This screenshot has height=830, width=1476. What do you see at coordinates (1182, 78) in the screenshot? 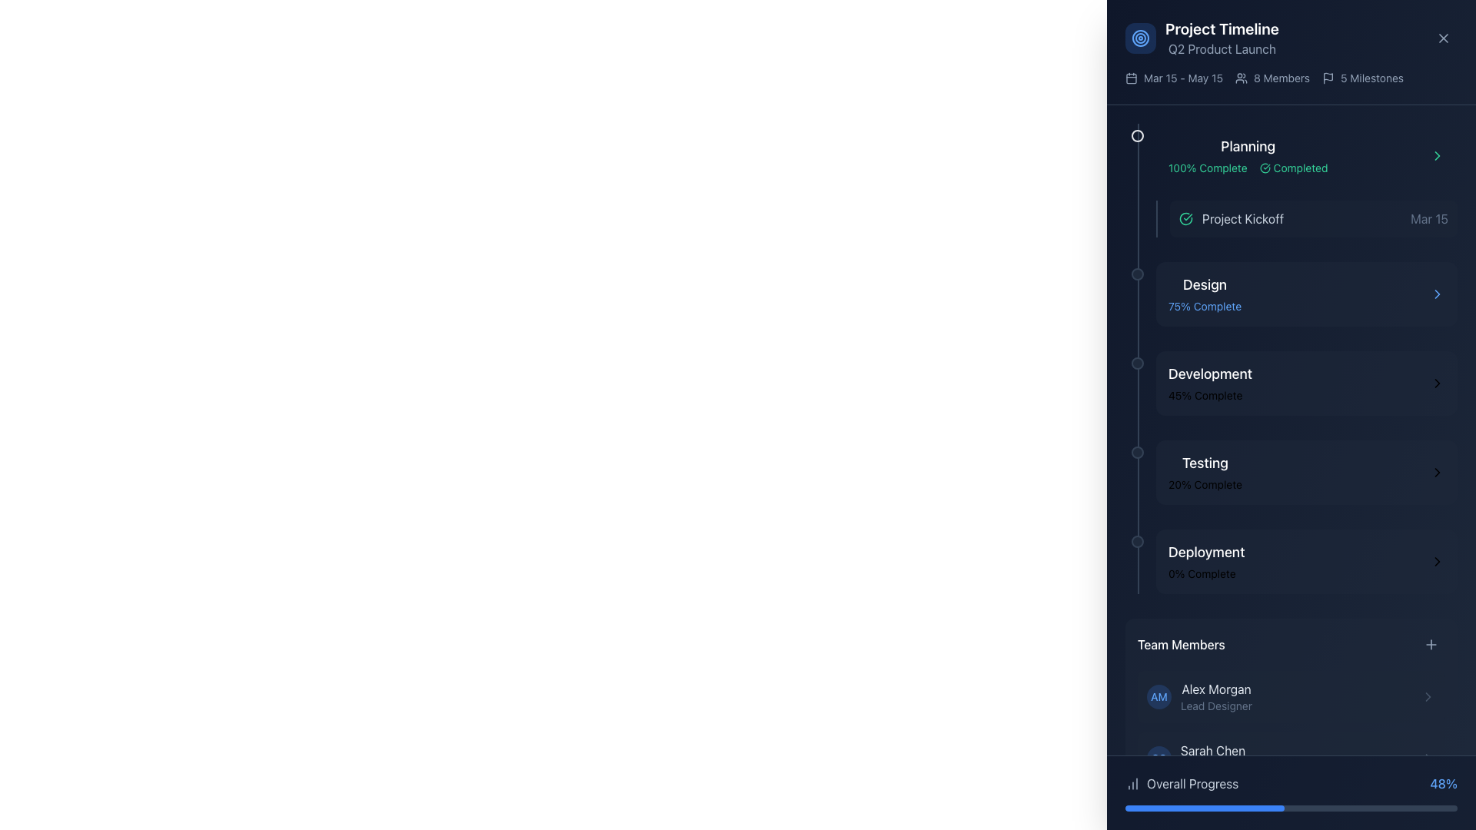
I see `the Plain text label displaying 'Mar 15 - May 15', which is styled in white and located in the upper section of the interface, aligned horizontally with a calendar icon` at bounding box center [1182, 78].